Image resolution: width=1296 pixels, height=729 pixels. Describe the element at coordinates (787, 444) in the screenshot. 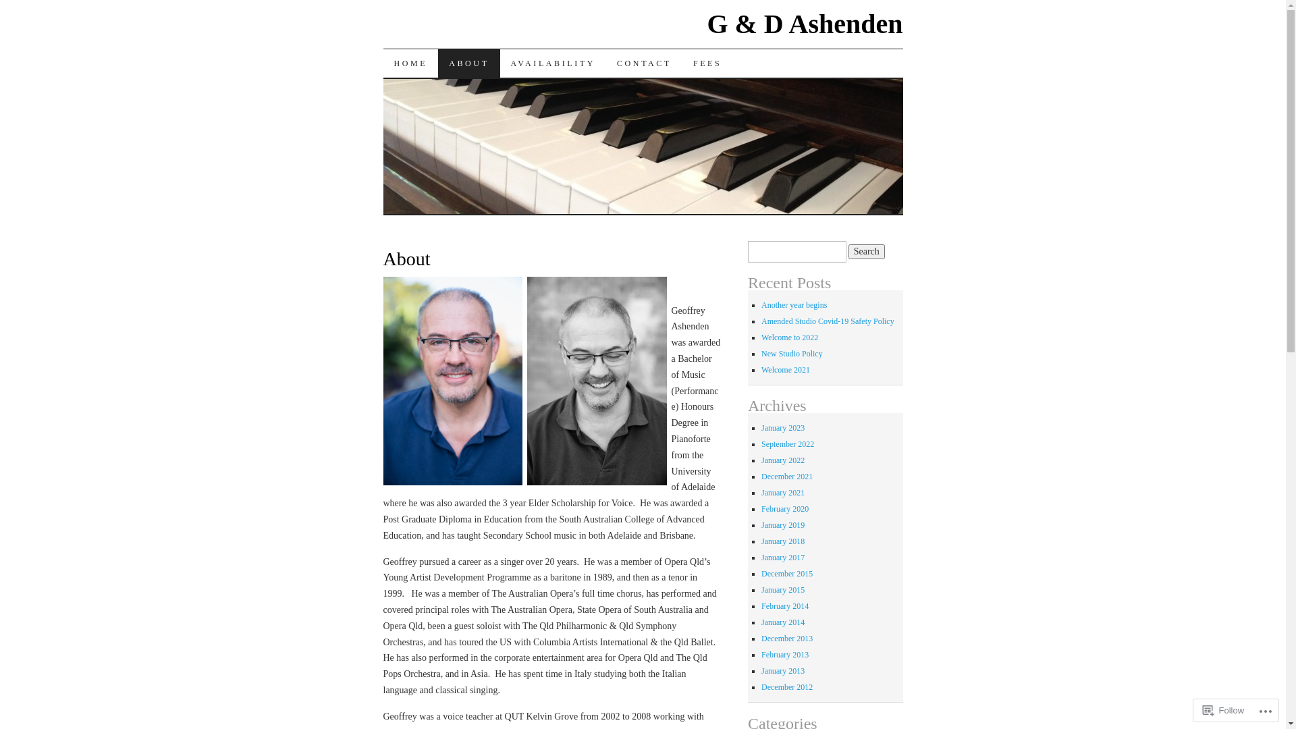

I see `'September 2022'` at that location.